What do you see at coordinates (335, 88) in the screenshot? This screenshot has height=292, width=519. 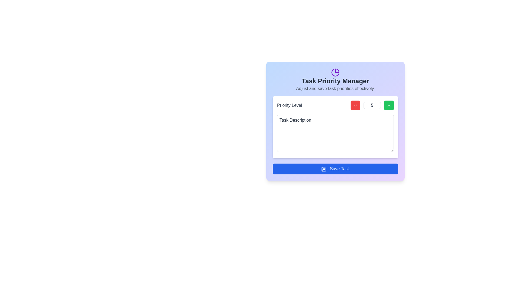 I see `the text element that reads 'Adjust and save task priorities effectively.' which is located below the 'Task Priority Manager' title` at bounding box center [335, 88].